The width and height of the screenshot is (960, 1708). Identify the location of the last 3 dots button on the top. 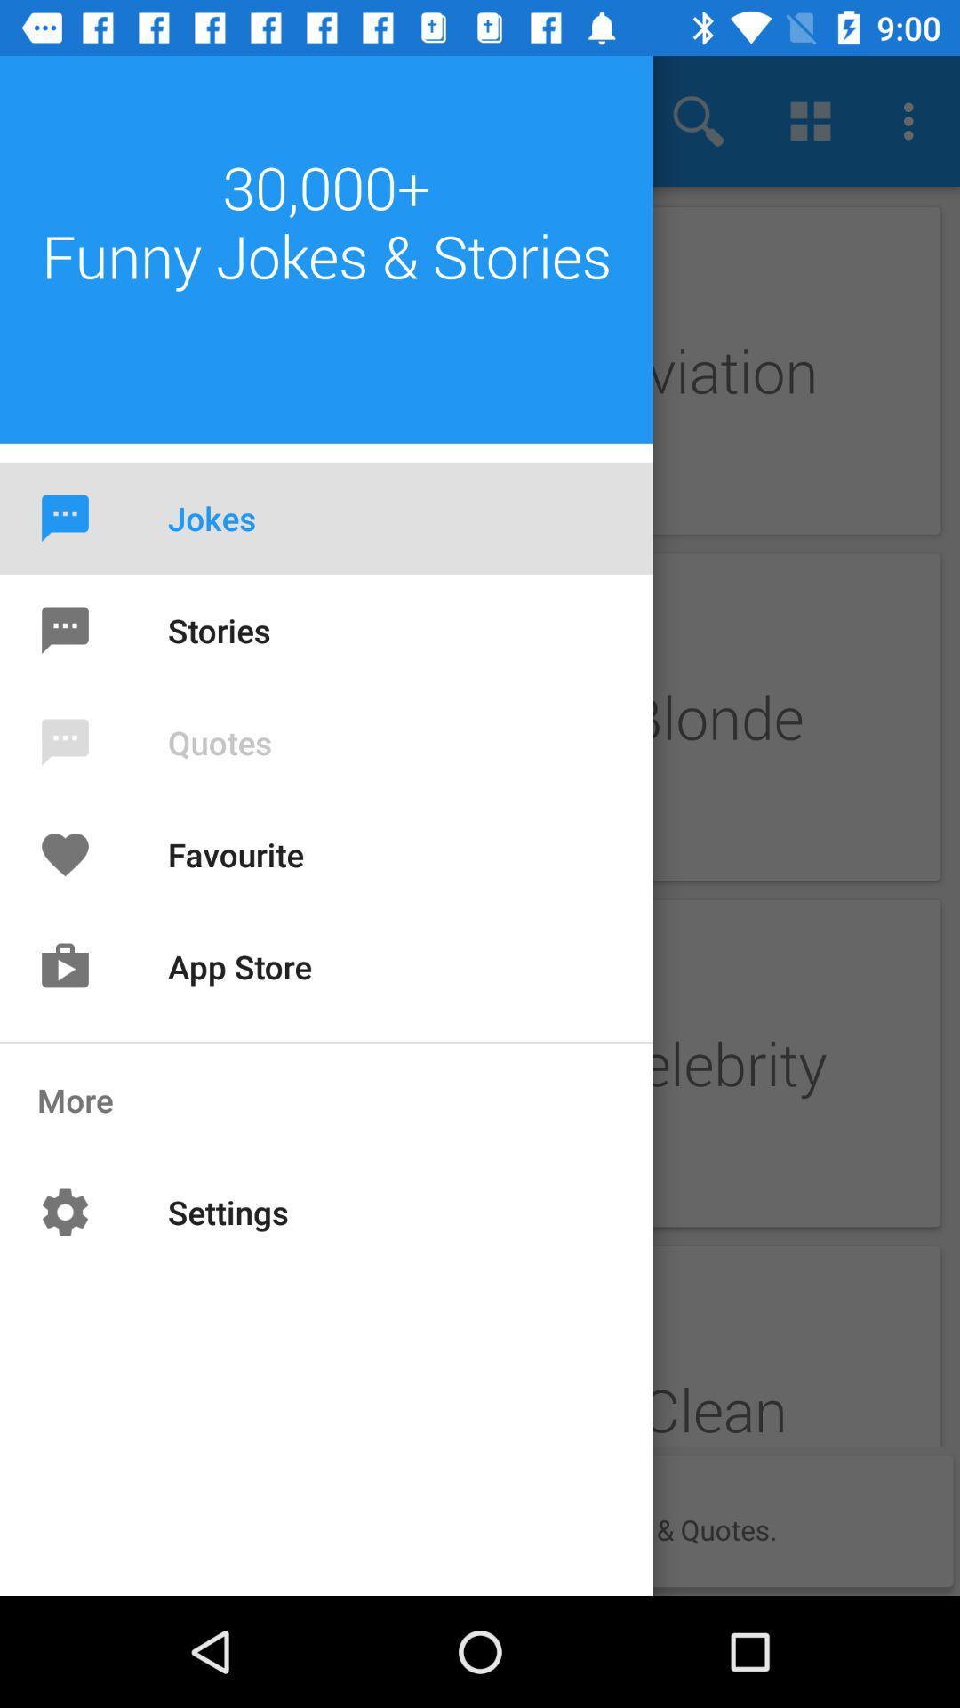
(913, 121).